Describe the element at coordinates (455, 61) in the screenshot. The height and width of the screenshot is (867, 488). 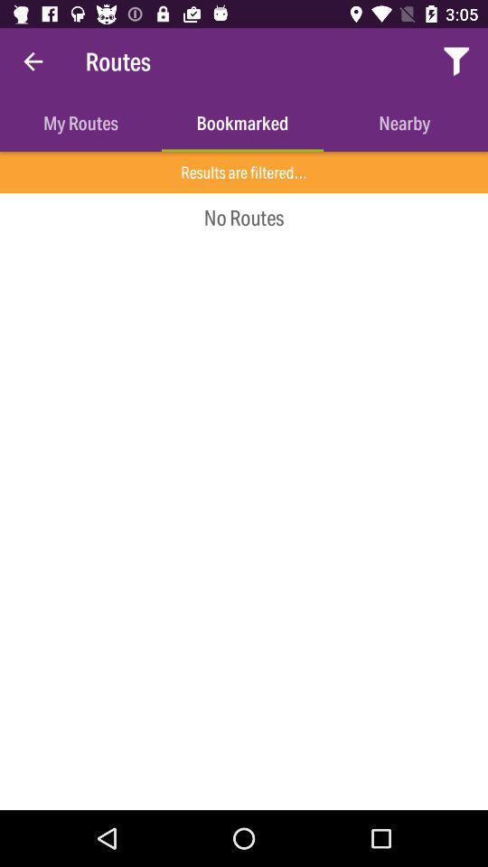
I see `the icon to the right of routes item` at that location.